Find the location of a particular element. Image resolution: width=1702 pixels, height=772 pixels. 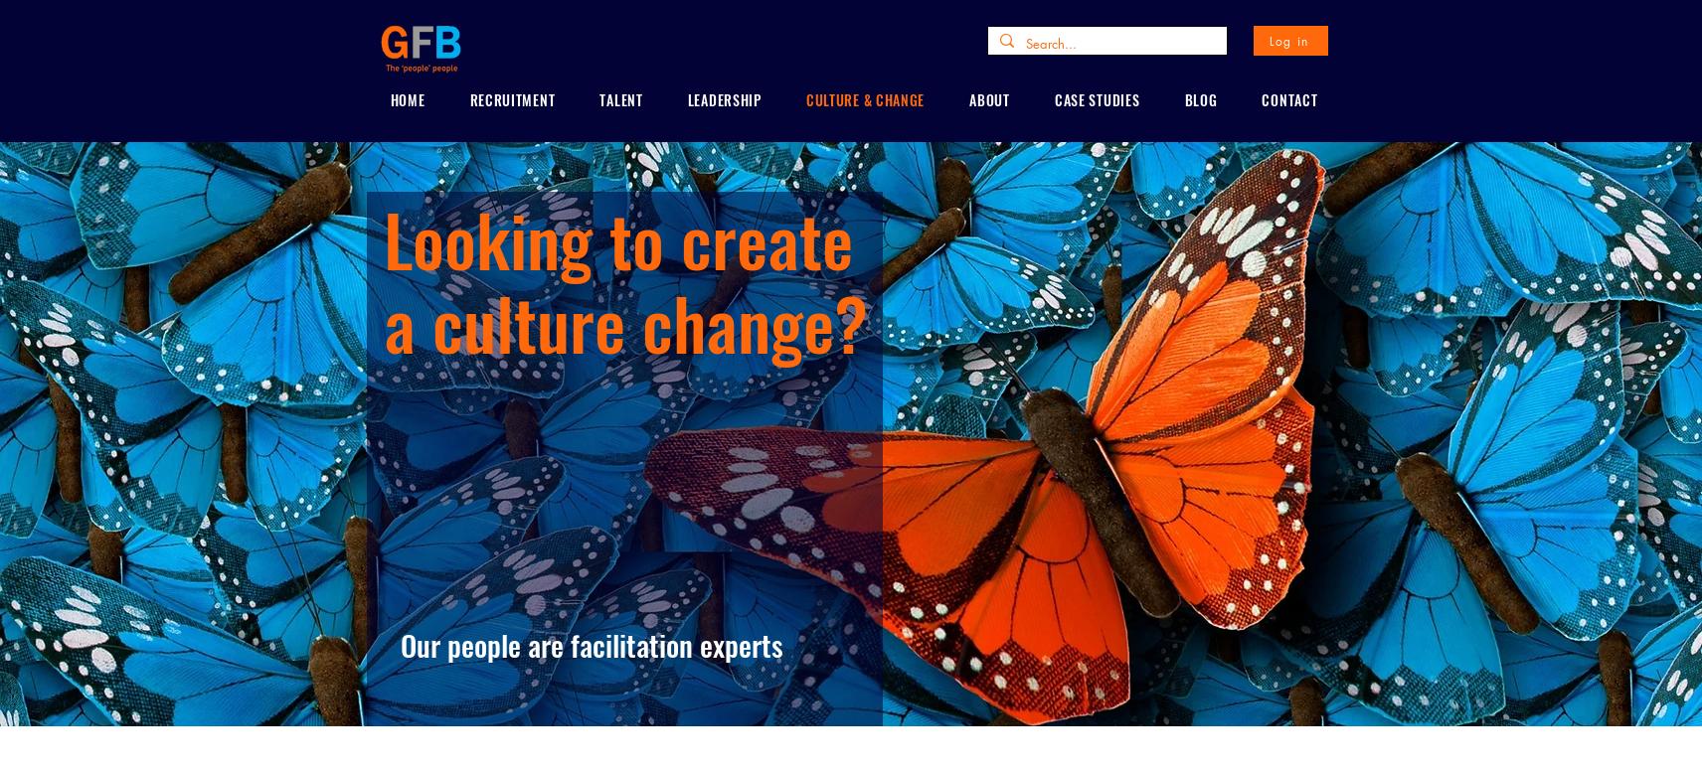

'CASE STUDIES' is located at coordinates (1053, 98).